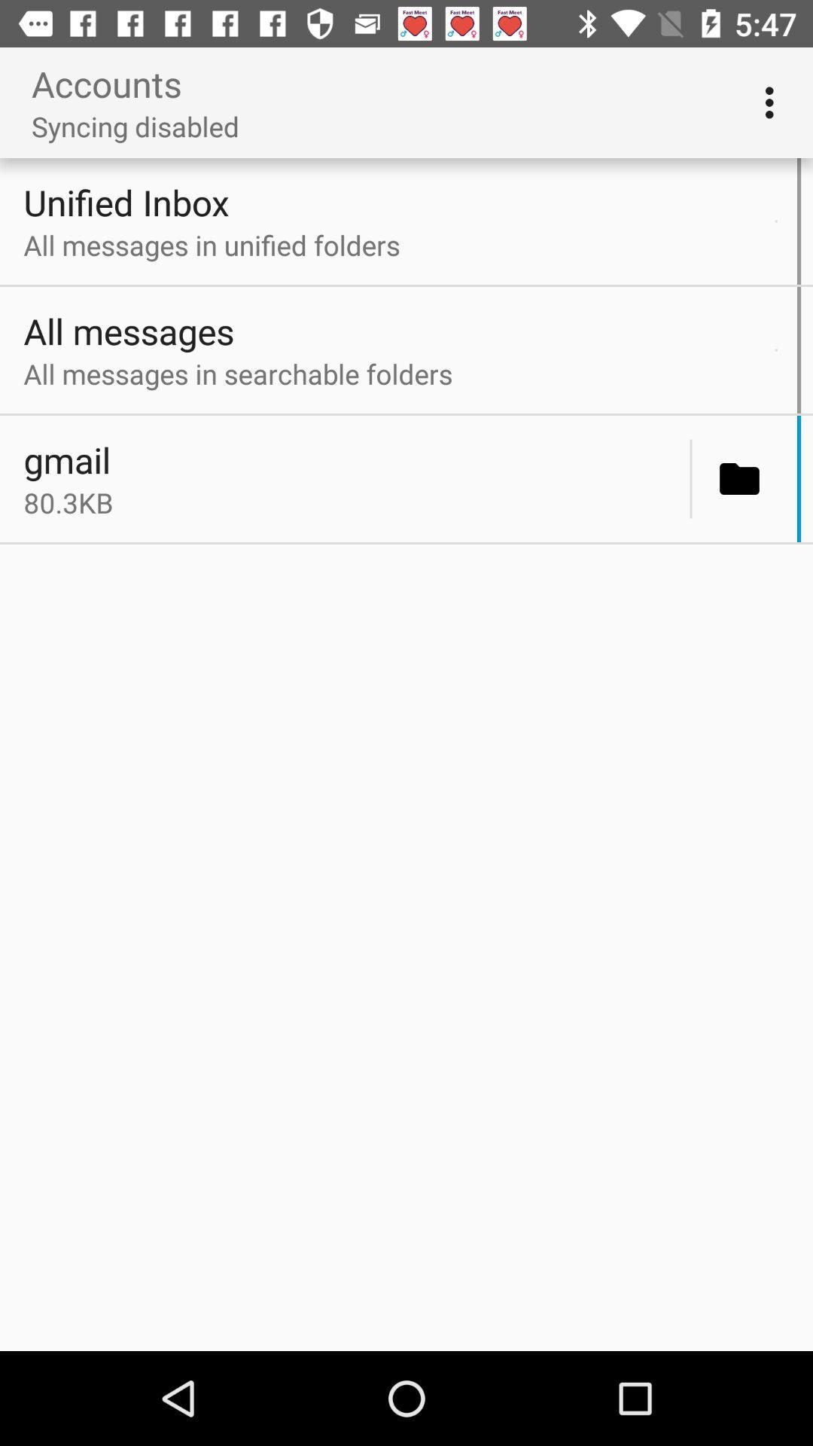  Describe the element at coordinates (352, 502) in the screenshot. I see `the icon below gmail icon` at that location.